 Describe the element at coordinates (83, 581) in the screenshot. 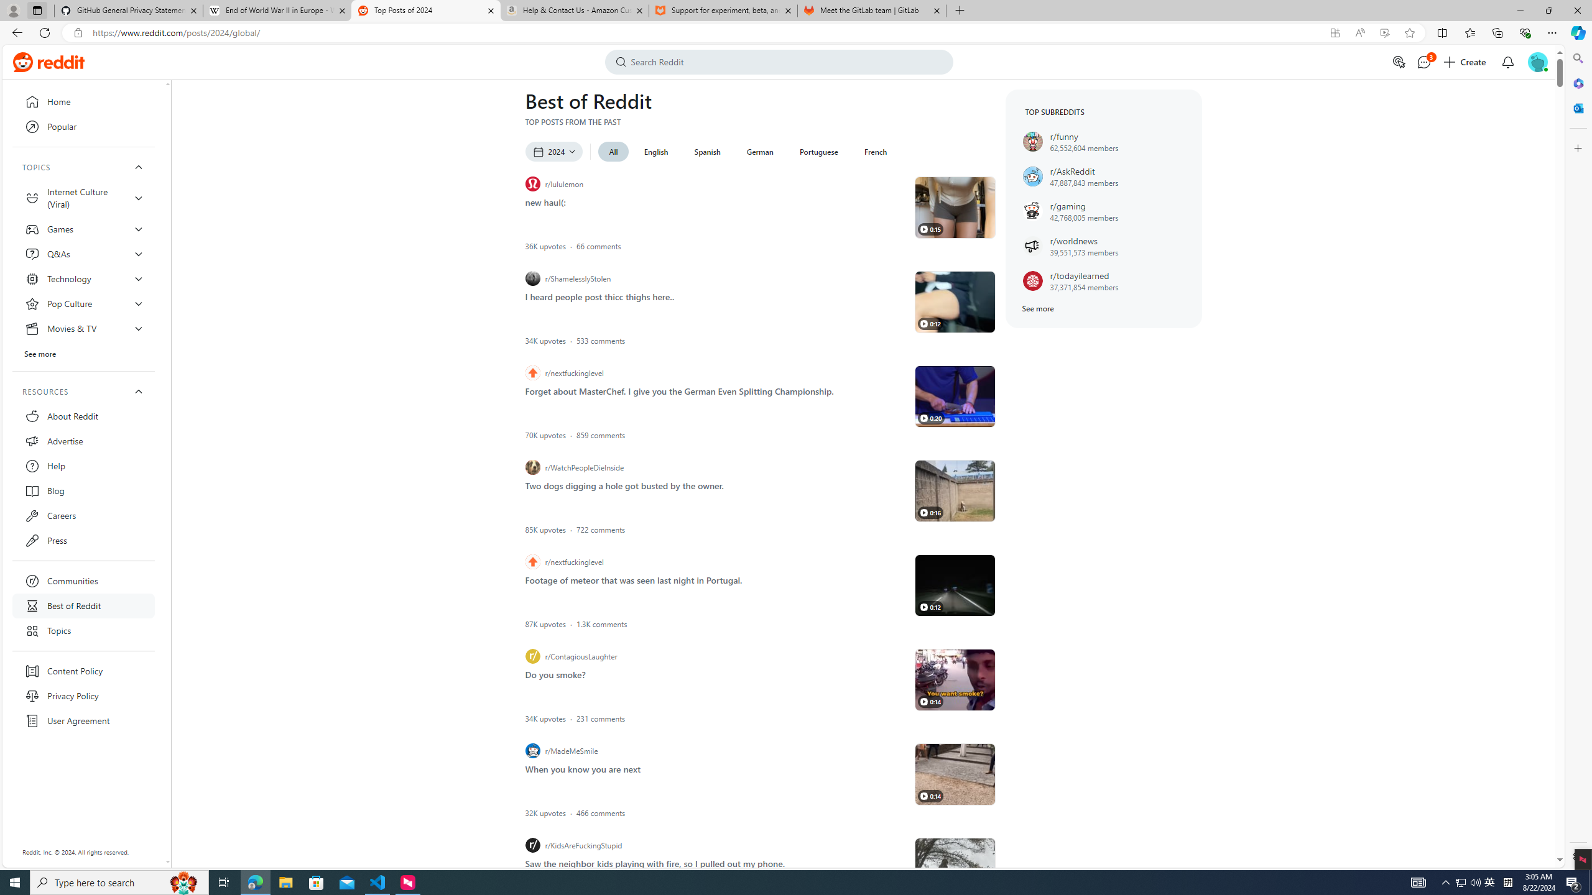

I see `'Communities'` at that location.